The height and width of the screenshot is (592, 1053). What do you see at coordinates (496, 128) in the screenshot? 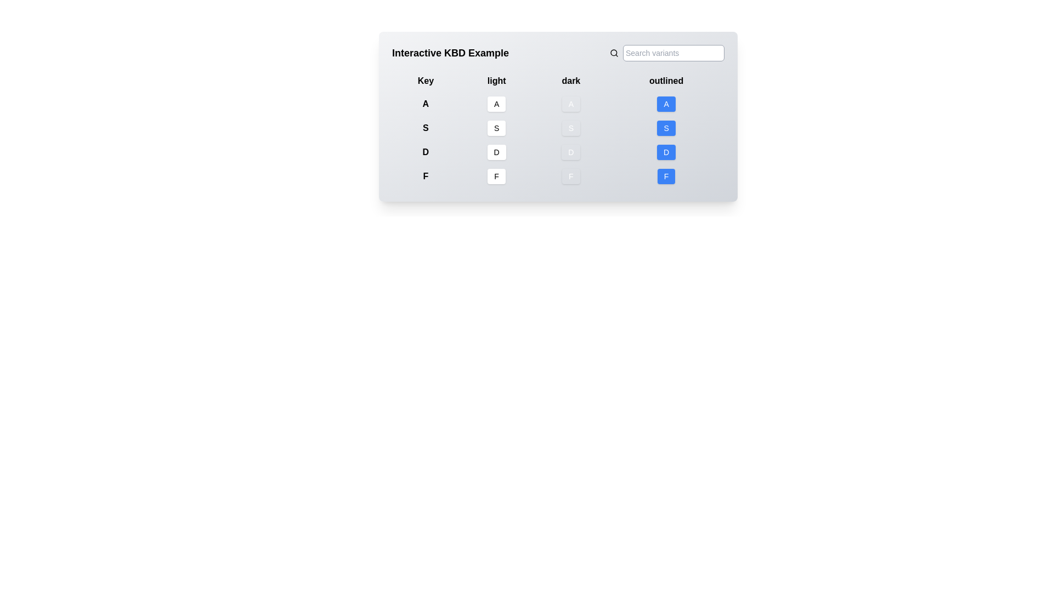
I see `the small rectangular button with rounded corners and a white background that contains a centered capital letter 'S' in black text, located under the 'light' column` at bounding box center [496, 128].